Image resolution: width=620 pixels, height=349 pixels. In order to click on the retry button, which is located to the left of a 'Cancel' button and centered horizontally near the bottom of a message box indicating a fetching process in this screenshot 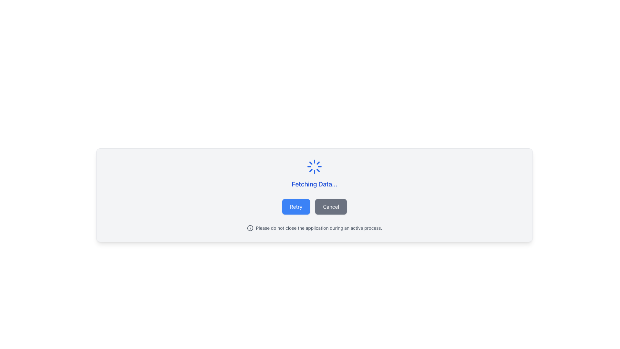, I will do `click(295, 207)`.